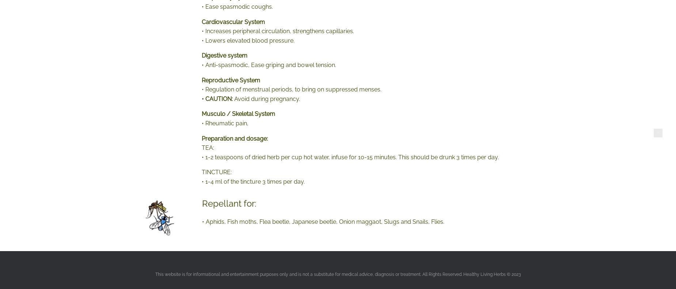 The image size is (676, 289). Describe the element at coordinates (235, 138) in the screenshot. I see `'Preparation and dosage:'` at that location.